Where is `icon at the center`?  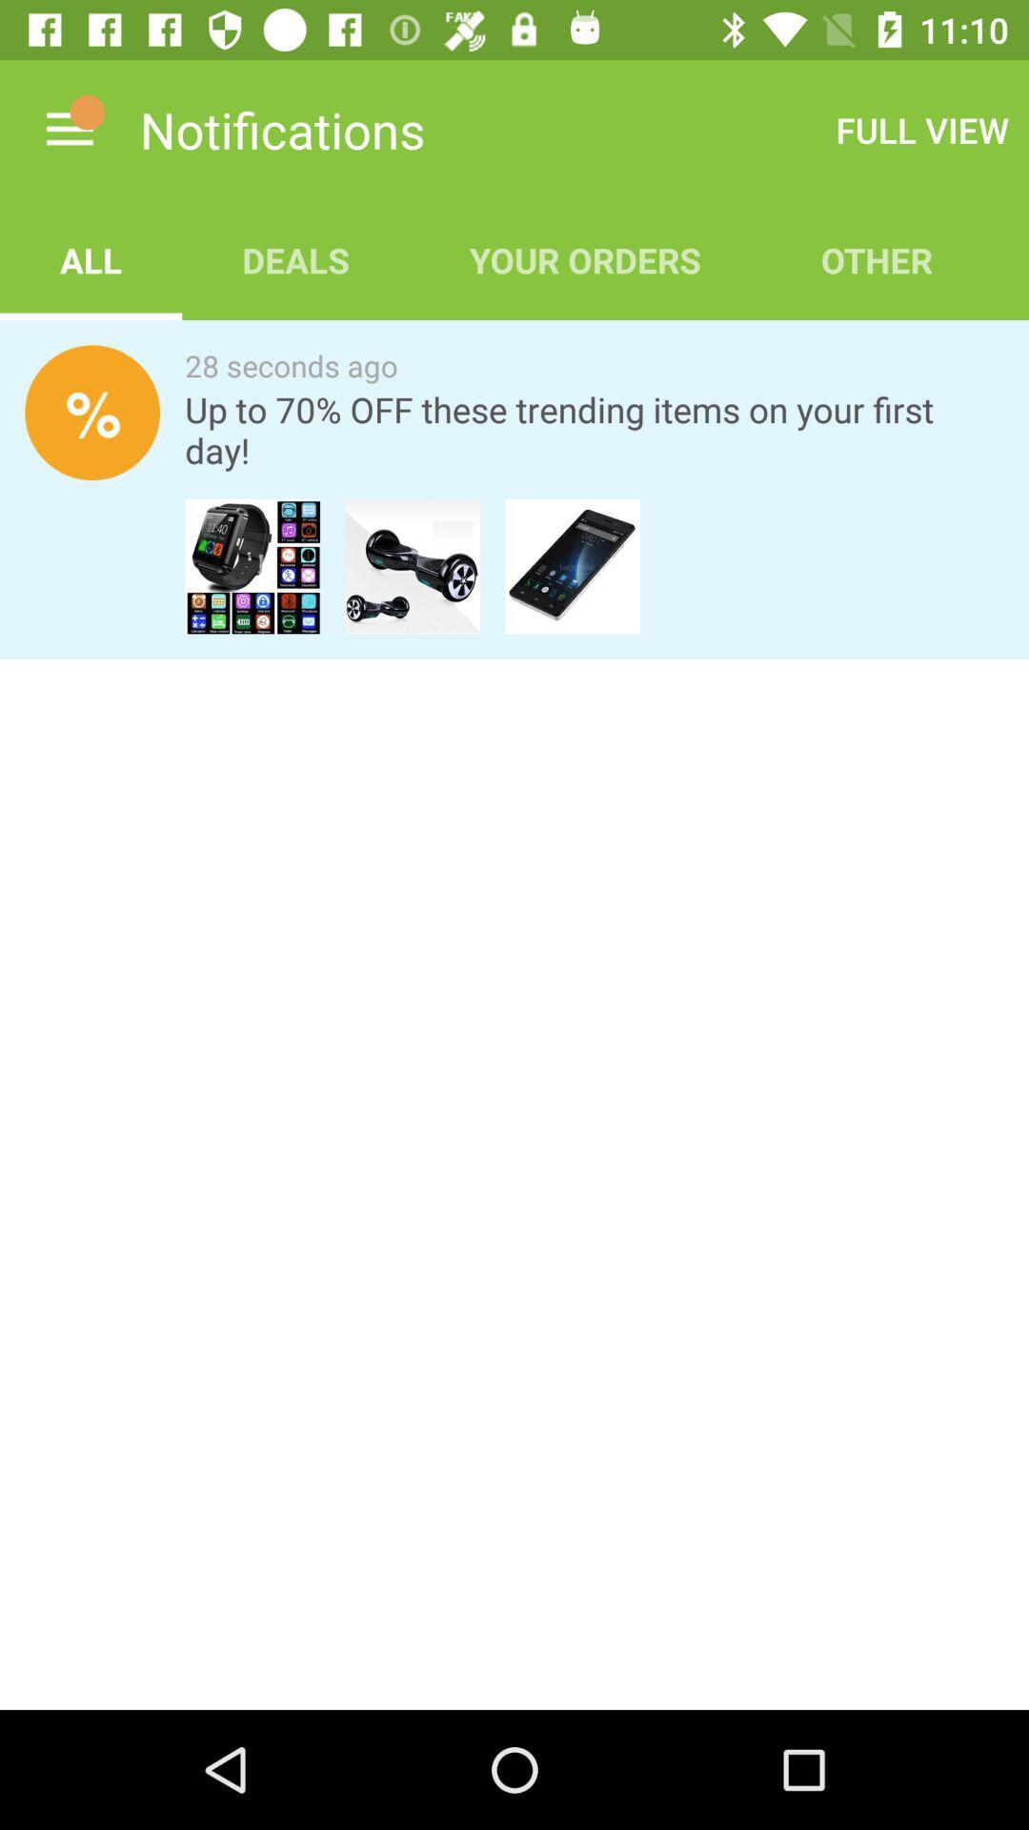
icon at the center is located at coordinates (514, 848).